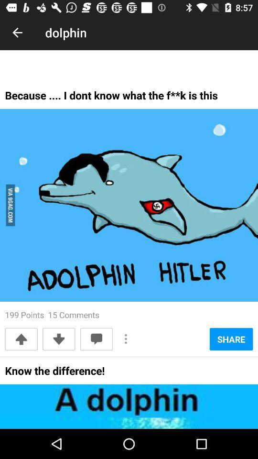  Describe the element at coordinates (59, 339) in the screenshot. I see `icon below 199 points 	15 icon` at that location.